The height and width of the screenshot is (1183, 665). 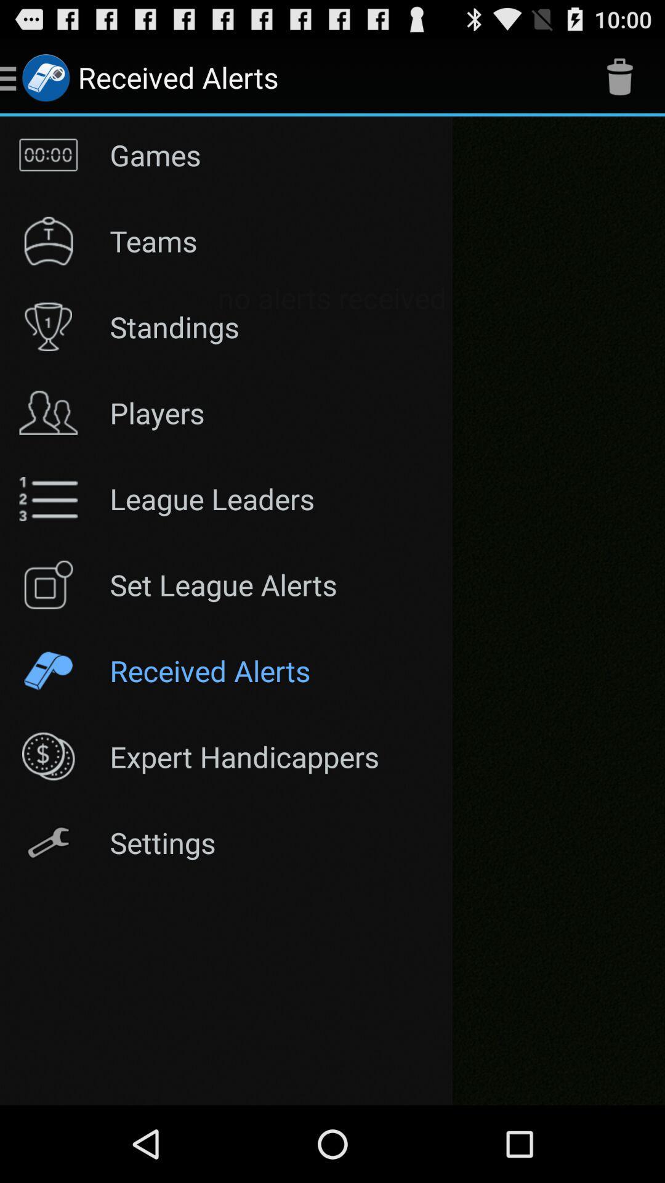 I want to click on the symbol beside received alerts, so click(x=619, y=76).